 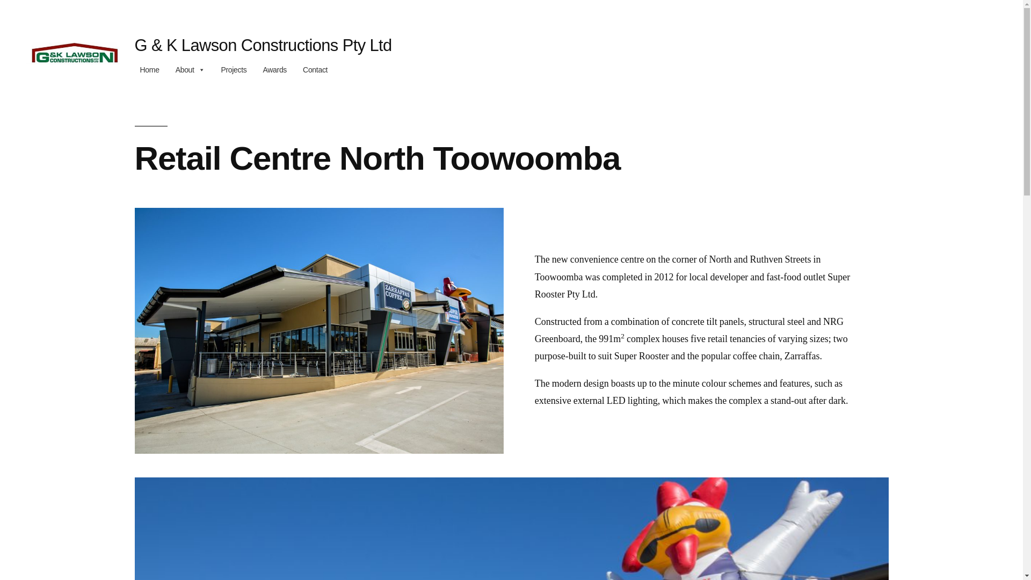 What do you see at coordinates (274, 70) in the screenshot?
I see `'Awards'` at bounding box center [274, 70].